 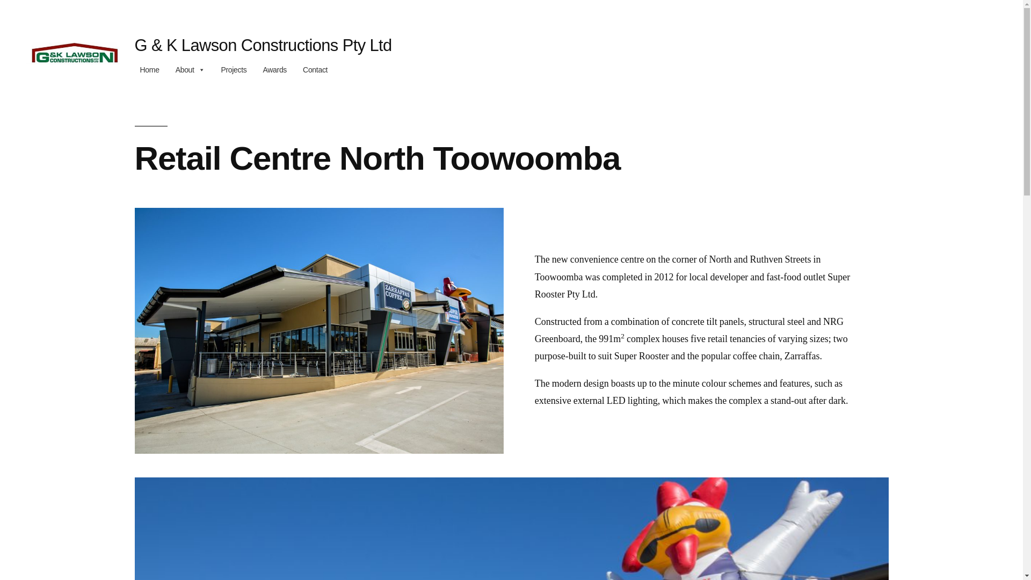 What do you see at coordinates (274, 70) in the screenshot?
I see `'Awards'` at bounding box center [274, 70].